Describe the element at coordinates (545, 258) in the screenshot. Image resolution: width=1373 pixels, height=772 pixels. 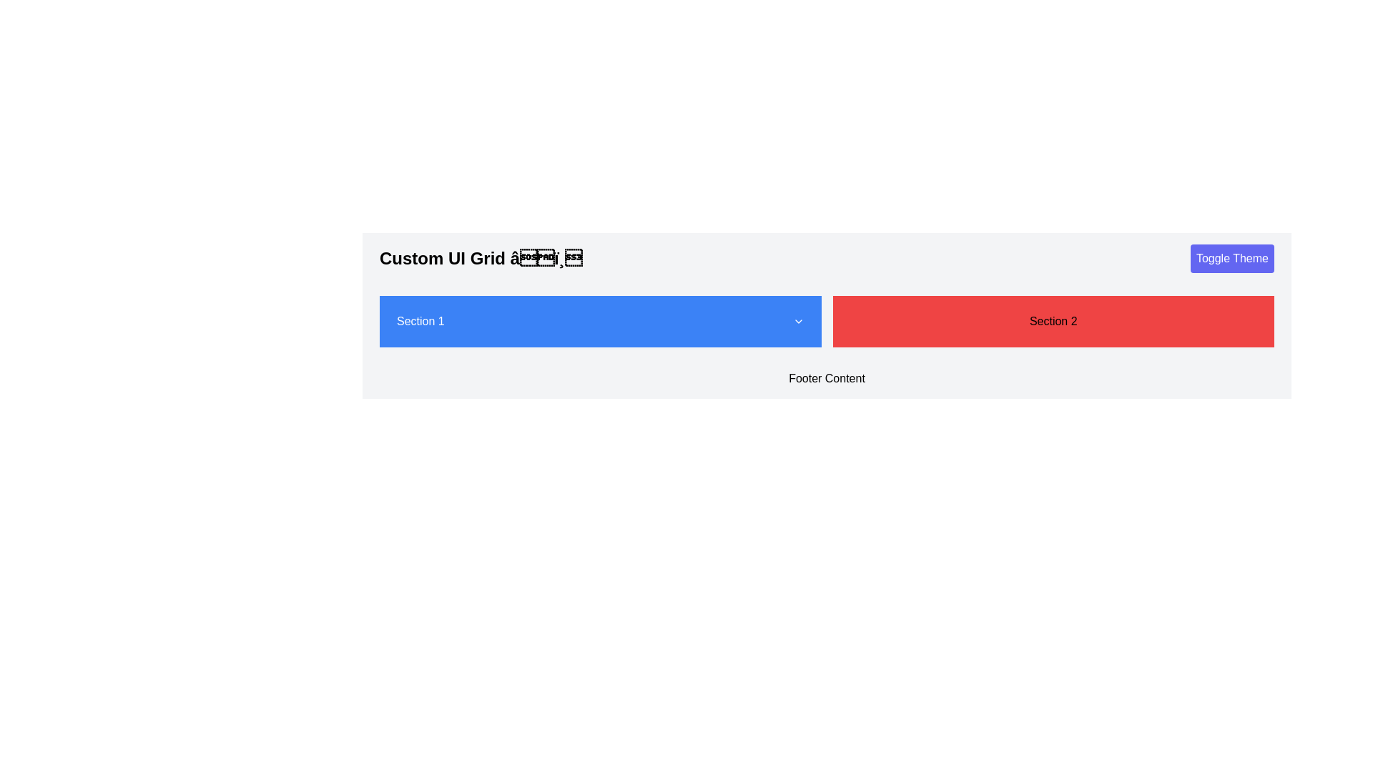
I see `the sun-shaped symbol located to the right of the 'Custom UI Grid ☀️' header in the top-left section of the user interface` at that location.